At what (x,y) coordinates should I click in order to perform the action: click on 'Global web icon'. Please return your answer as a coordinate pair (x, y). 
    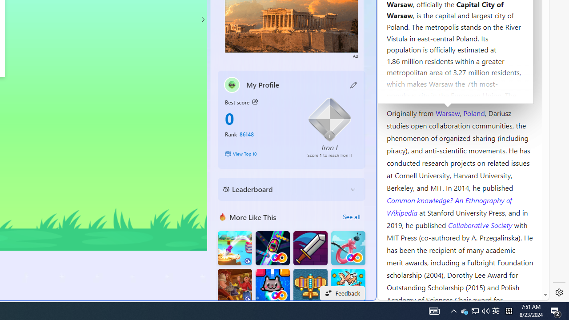
    Looking at the image, I should click on (394, 295).